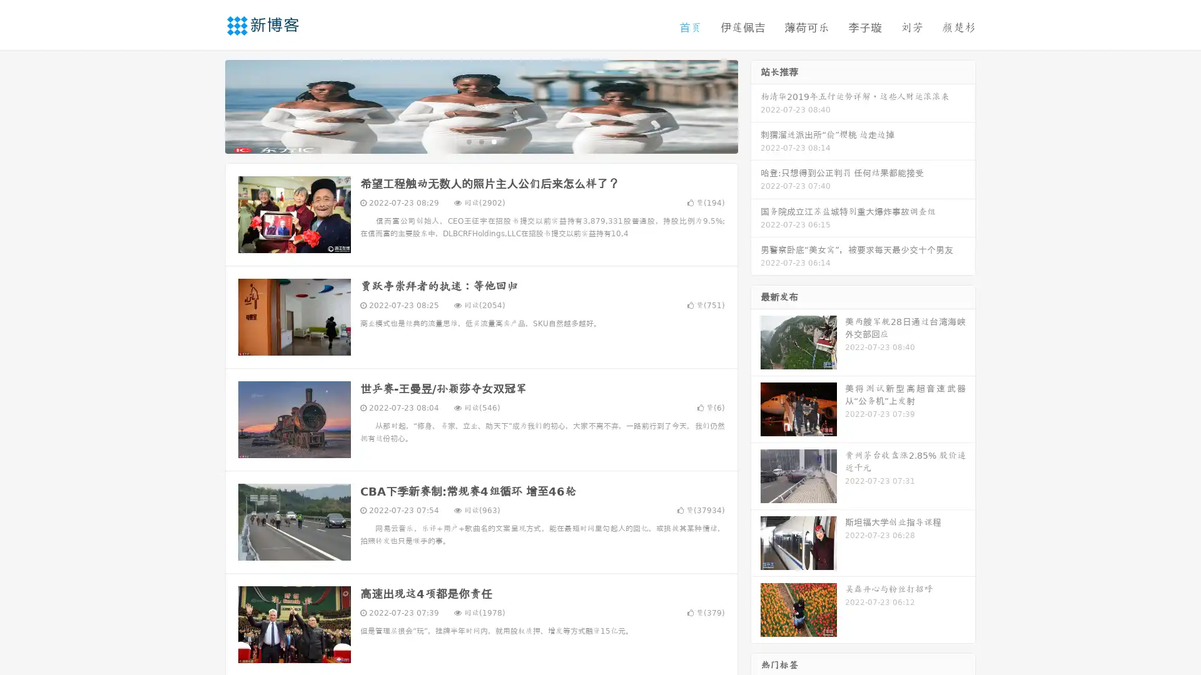 The width and height of the screenshot is (1201, 675). What do you see at coordinates (468, 141) in the screenshot?
I see `Go to slide 1` at bounding box center [468, 141].